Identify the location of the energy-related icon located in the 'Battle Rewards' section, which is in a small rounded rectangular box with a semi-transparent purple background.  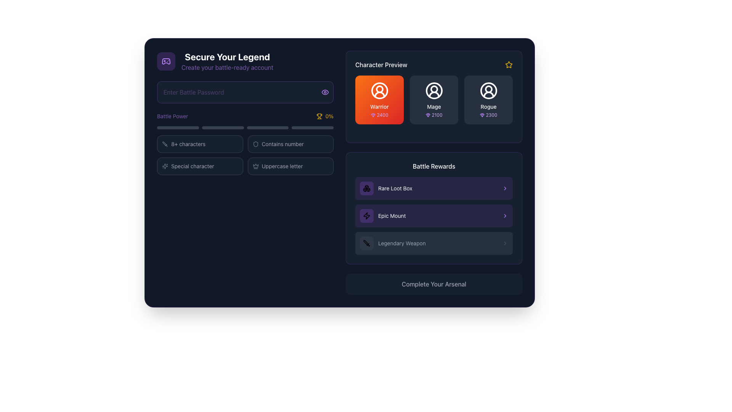
(366, 216).